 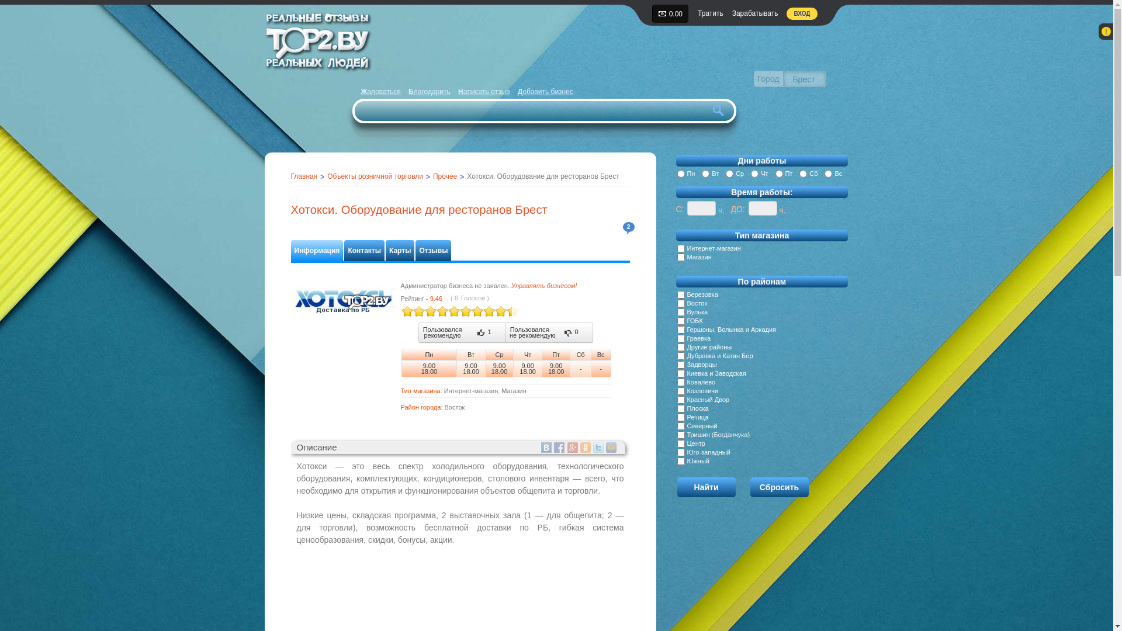 I want to click on '8', so click(x=447, y=310).